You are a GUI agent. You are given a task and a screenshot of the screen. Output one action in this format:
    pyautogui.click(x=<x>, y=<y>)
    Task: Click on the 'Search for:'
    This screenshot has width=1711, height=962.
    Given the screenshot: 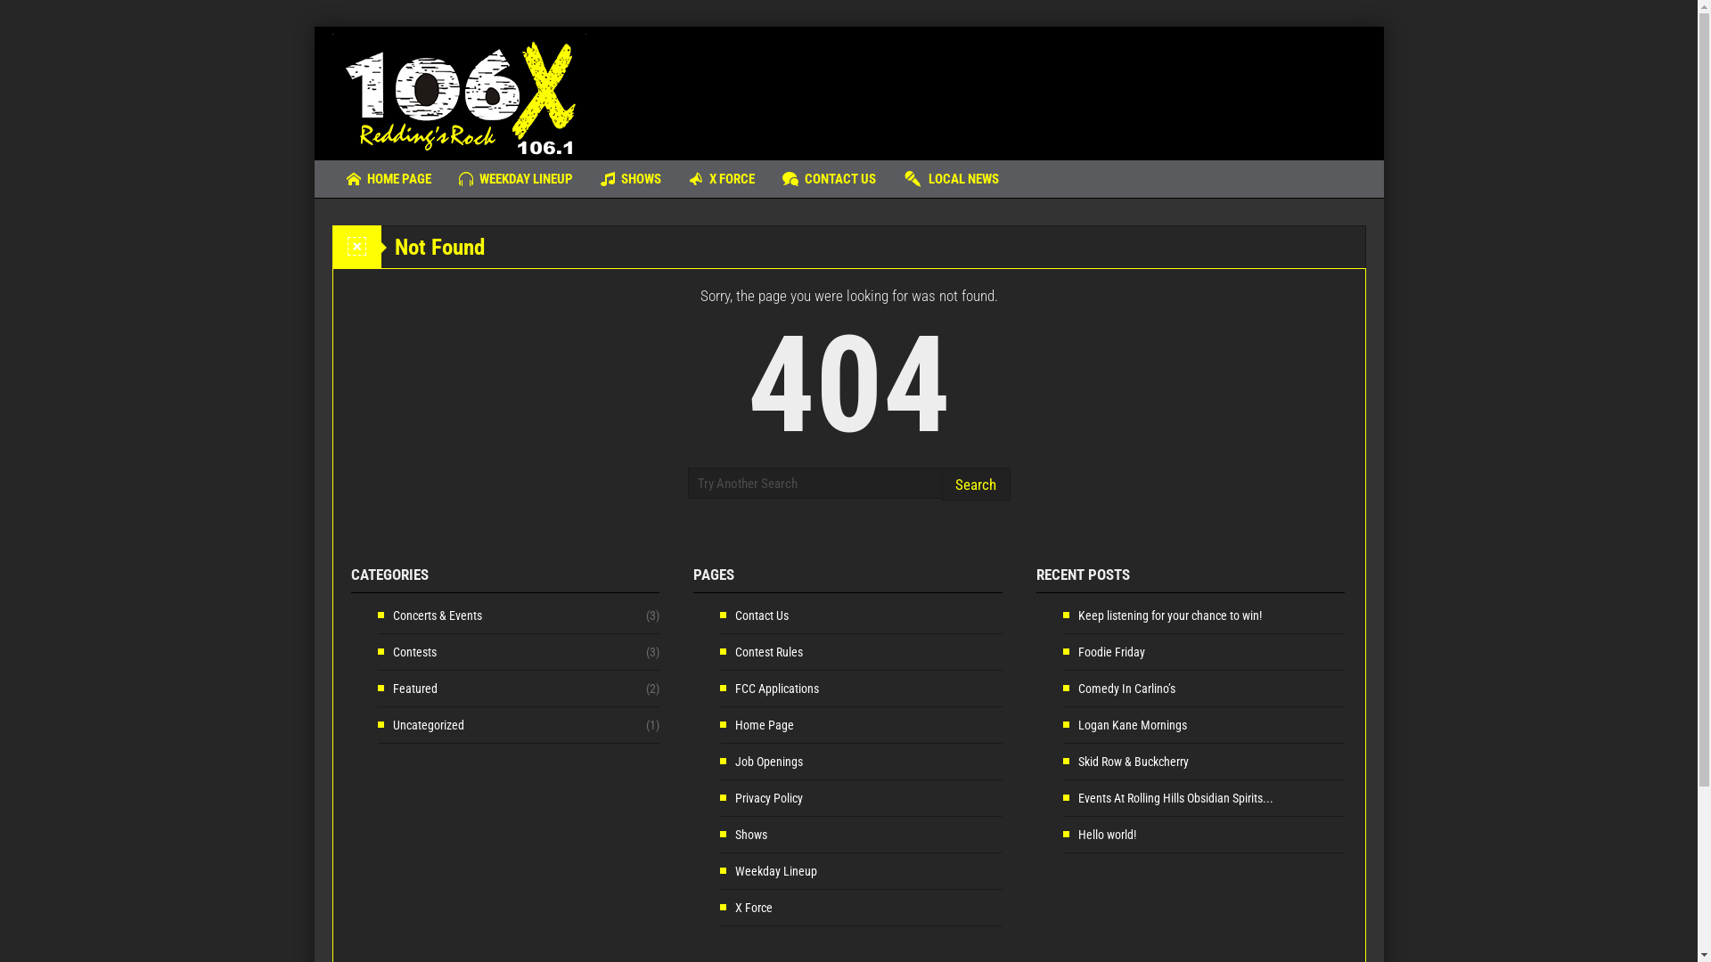 What is the action you would take?
    pyautogui.click(x=814, y=483)
    